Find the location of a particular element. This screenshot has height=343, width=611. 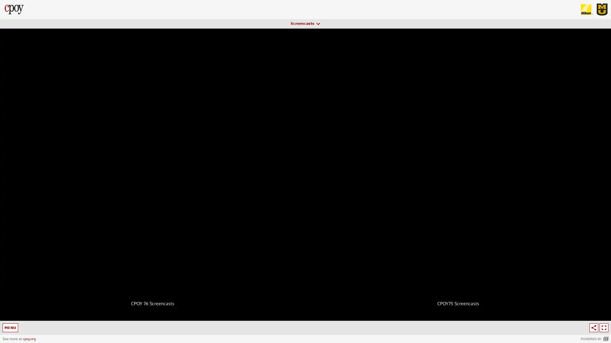

MENU is located at coordinates (11, 328).